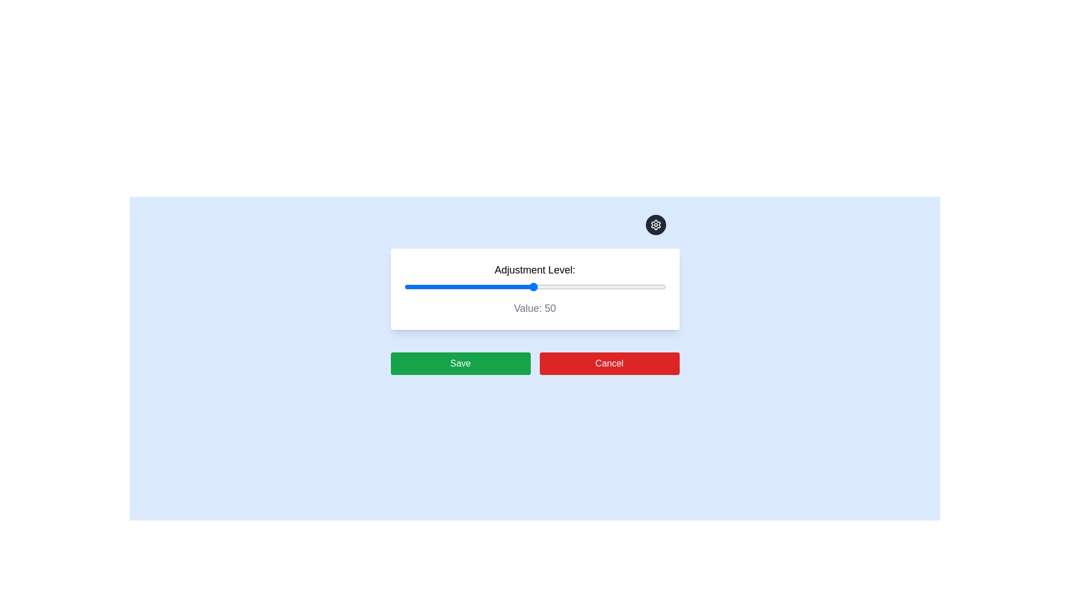  I want to click on the adjustment level, so click(454, 286).